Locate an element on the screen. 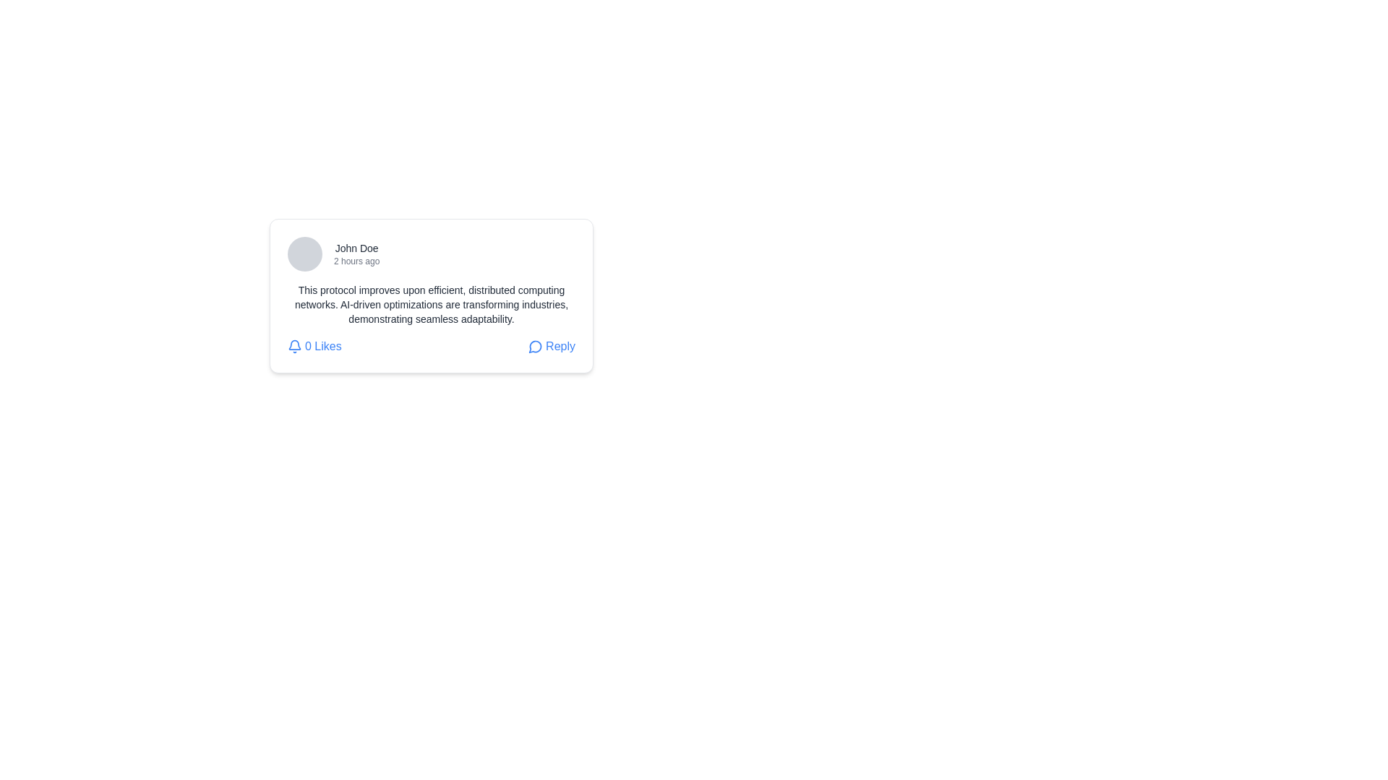  the static text label displaying 'John Doe' which is part of the header section above a timestamp is located at coordinates (356, 247).